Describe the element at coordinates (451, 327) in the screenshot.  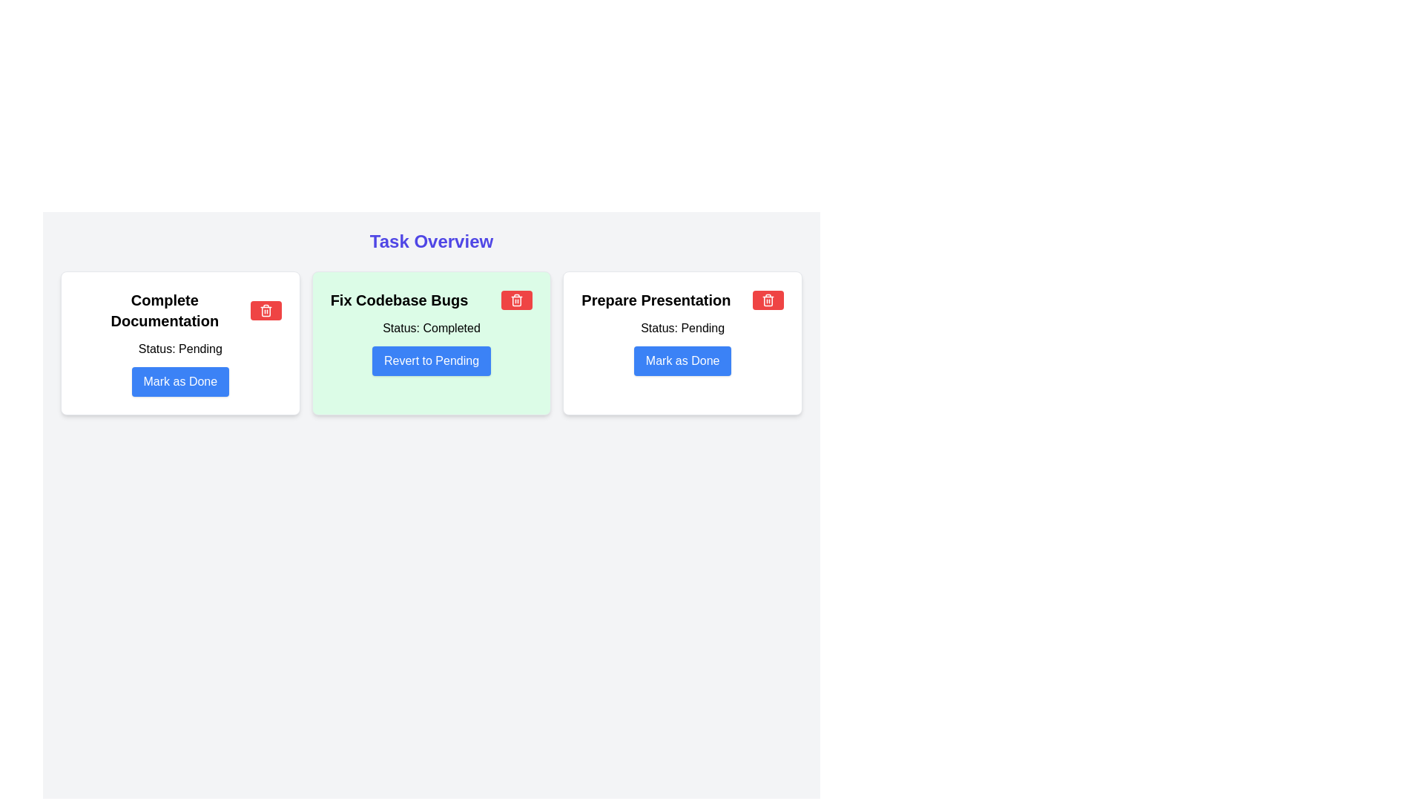
I see `the 'Completed' static text label located within the green card titled 'Fix Codebase Bugs', situated below the status line that follows 'Status:'` at that location.